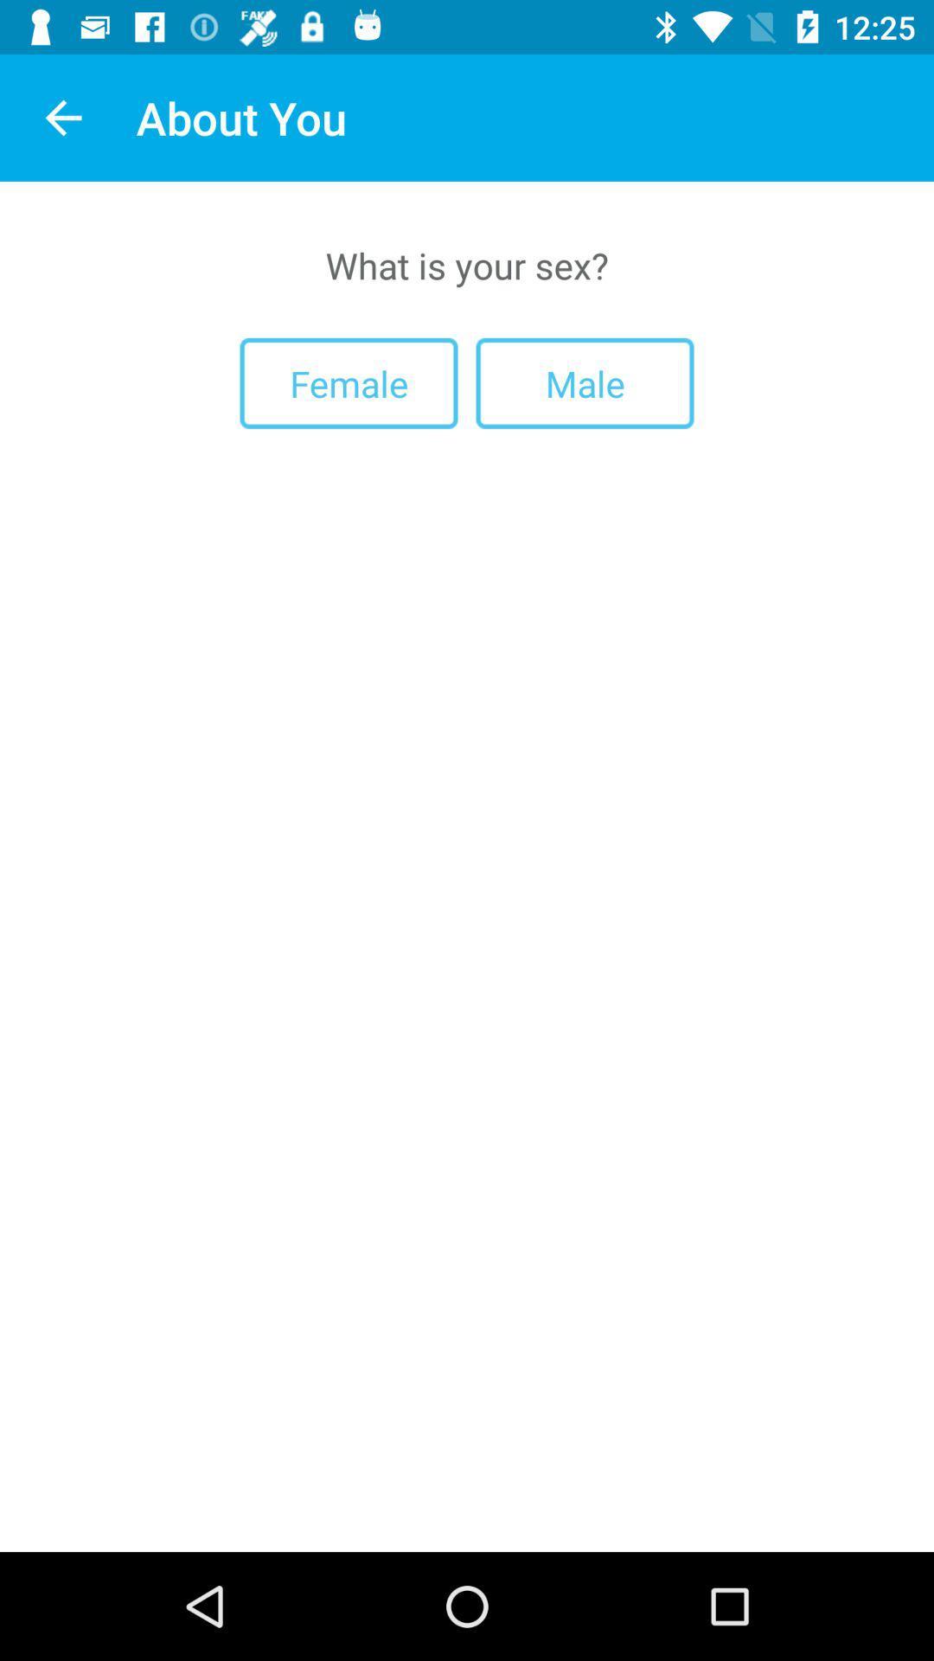 This screenshot has width=934, height=1661. Describe the element at coordinates (584, 382) in the screenshot. I see `the male` at that location.